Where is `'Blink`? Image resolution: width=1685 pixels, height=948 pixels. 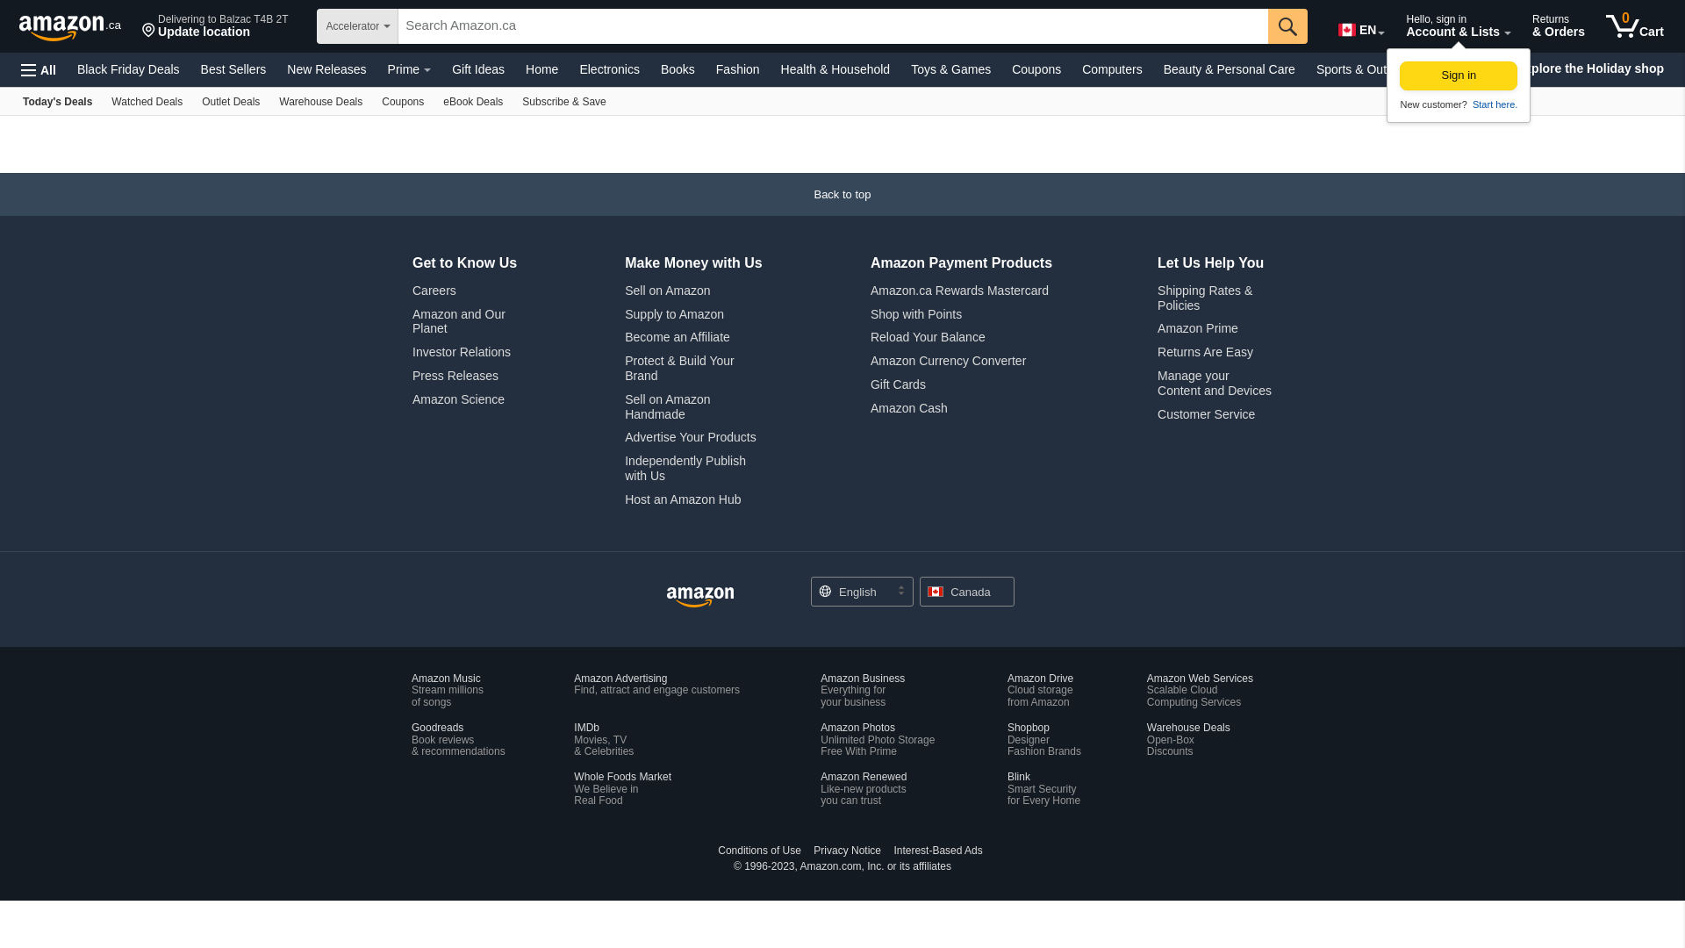
'Blink is located at coordinates (1043, 787).